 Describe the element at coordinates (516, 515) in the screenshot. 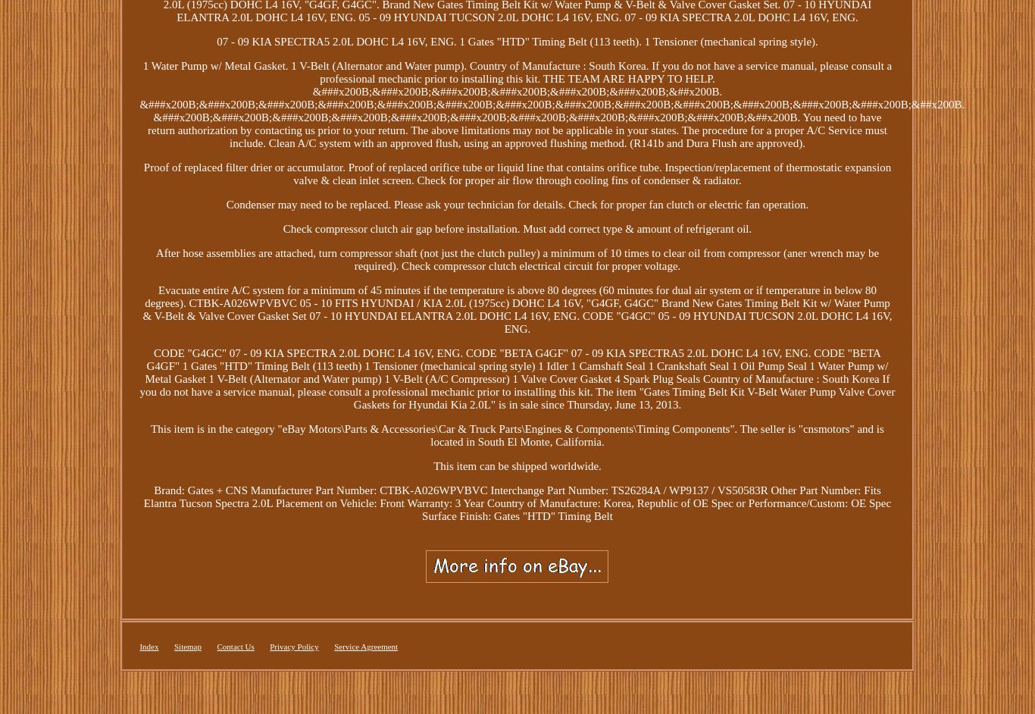

I see `'Surface Finish: Gates "HTD" Timing Belt'` at that location.